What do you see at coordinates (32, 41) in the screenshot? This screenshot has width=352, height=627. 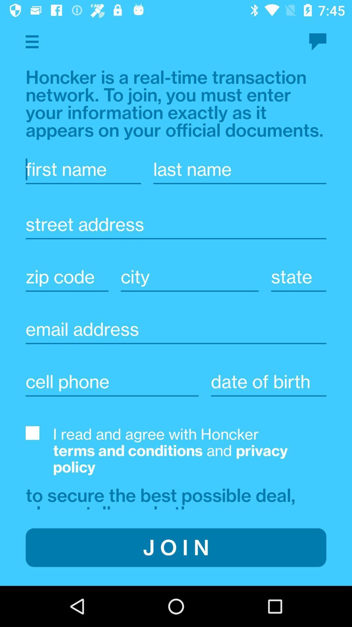 I see `menu` at bounding box center [32, 41].